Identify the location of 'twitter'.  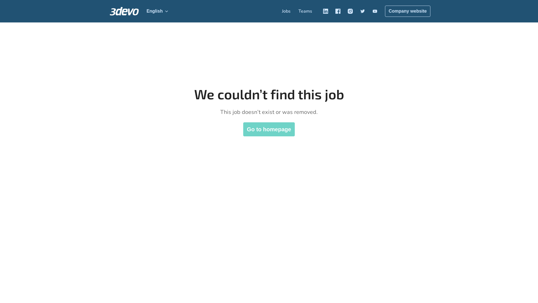
(363, 11).